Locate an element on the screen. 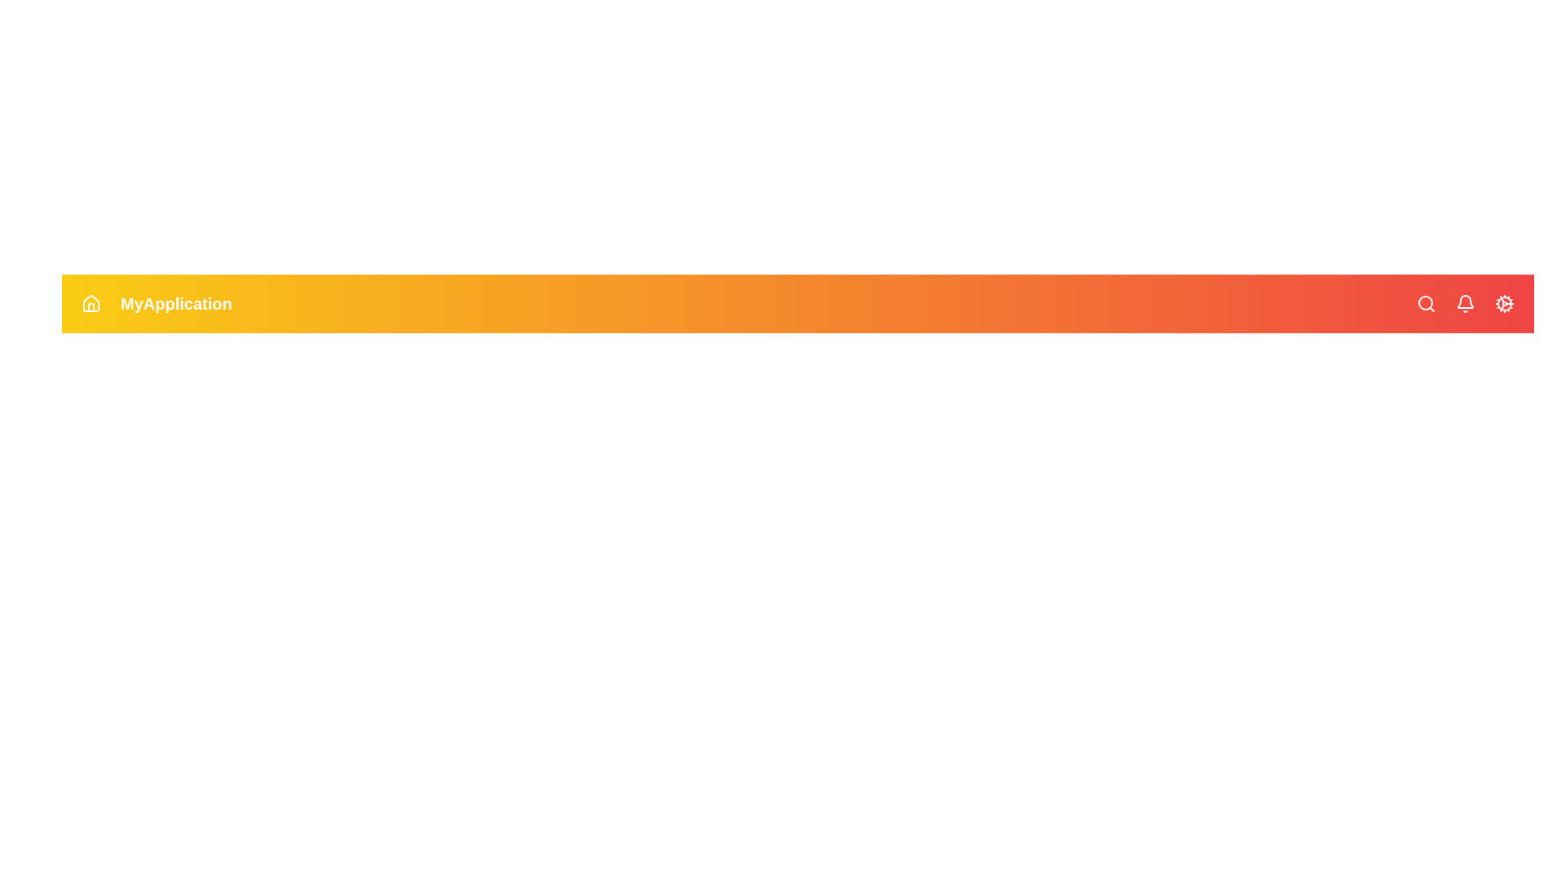 This screenshot has height=880, width=1566. the circular button with a yellow background and a house icon located on the top-left corner of the header bar to change its background color is located at coordinates (90, 304).